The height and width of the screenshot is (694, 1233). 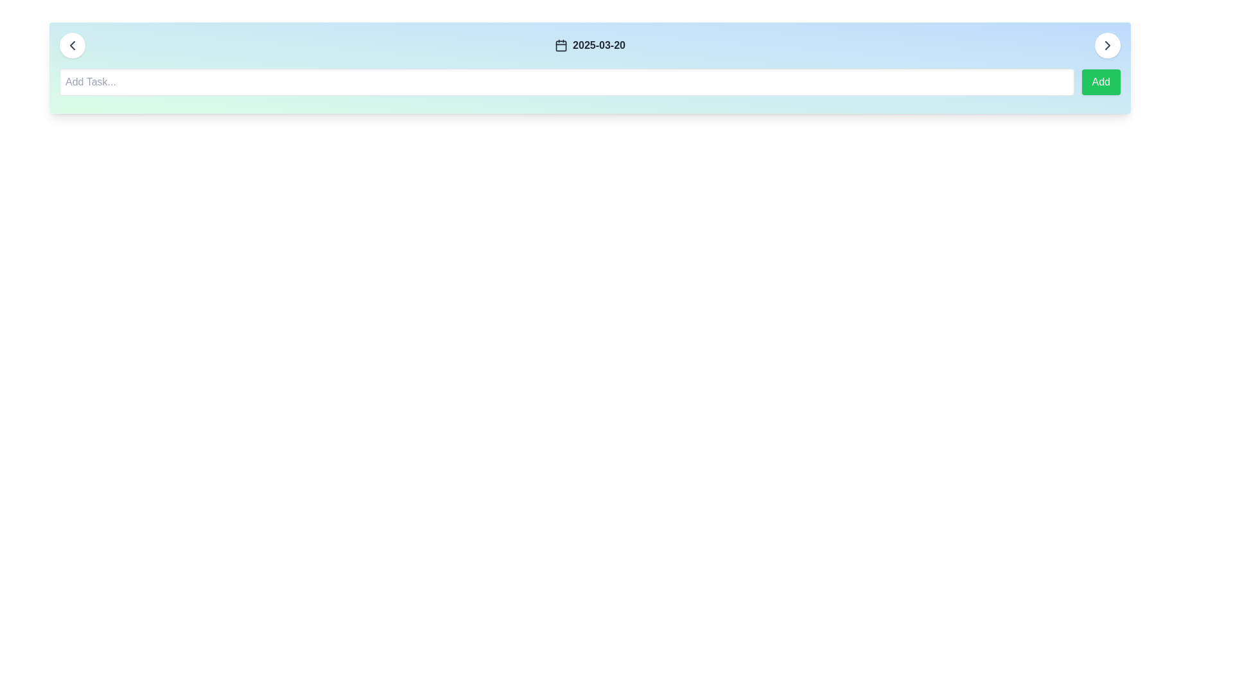 What do you see at coordinates (72, 44) in the screenshot?
I see `the circular button with a white background and a left-pointing chevron icon for a visual hint` at bounding box center [72, 44].